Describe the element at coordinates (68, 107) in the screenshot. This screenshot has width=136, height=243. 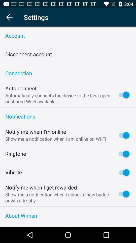
I see `the icon below automatically connects the icon` at that location.